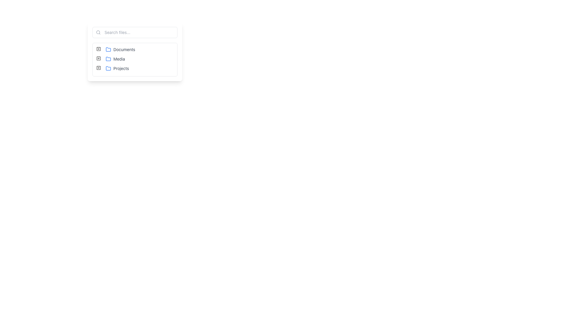  I want to click on the expand/collapse toggle button, which is a square-shaped icon with a plus sign, located to the left of the 'Documents' folder label, so click(99, 49).